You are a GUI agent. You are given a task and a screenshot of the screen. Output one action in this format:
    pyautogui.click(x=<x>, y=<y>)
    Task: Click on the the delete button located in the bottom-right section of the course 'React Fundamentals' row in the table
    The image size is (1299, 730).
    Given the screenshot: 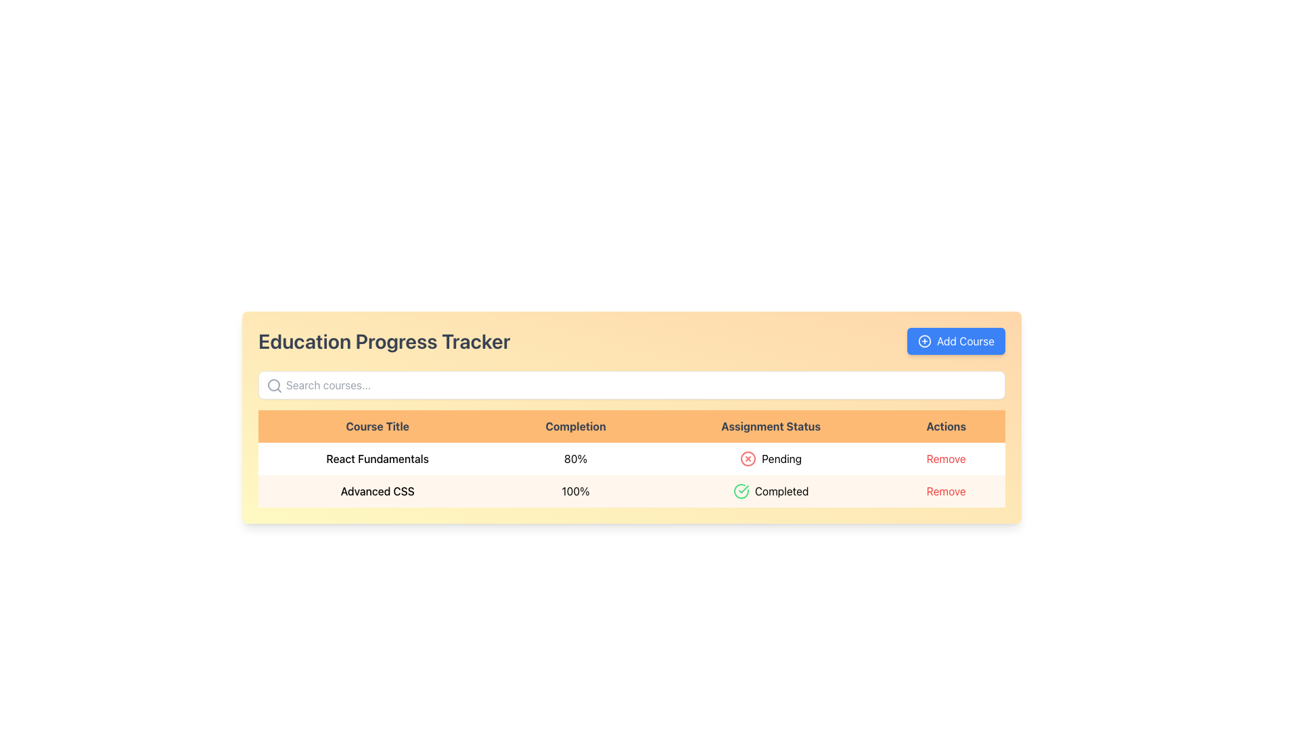 What is the action you would take?
    pyautogui.click(x=945, y=458)
    